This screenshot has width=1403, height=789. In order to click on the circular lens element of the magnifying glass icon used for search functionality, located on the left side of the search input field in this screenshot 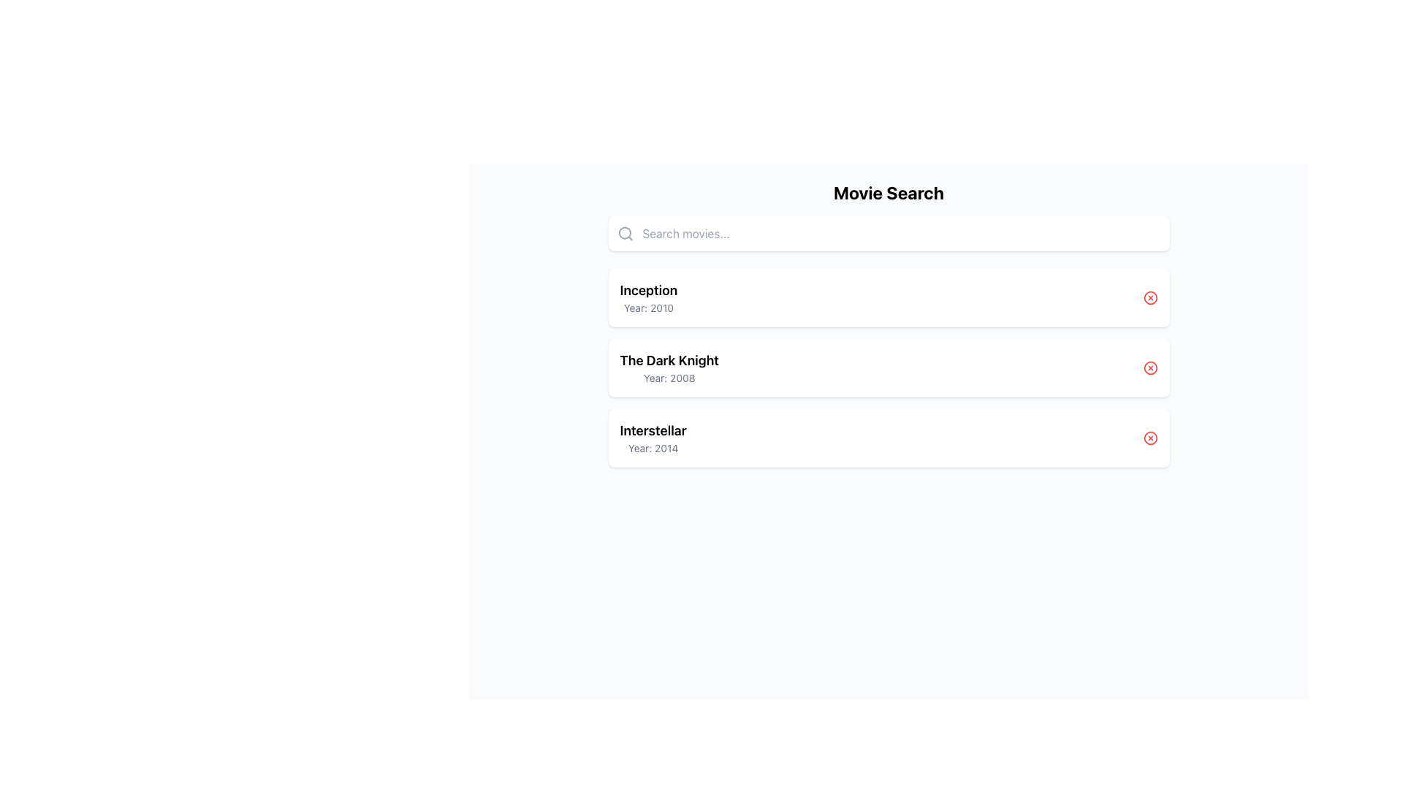, I will do `click(624, 232)`.